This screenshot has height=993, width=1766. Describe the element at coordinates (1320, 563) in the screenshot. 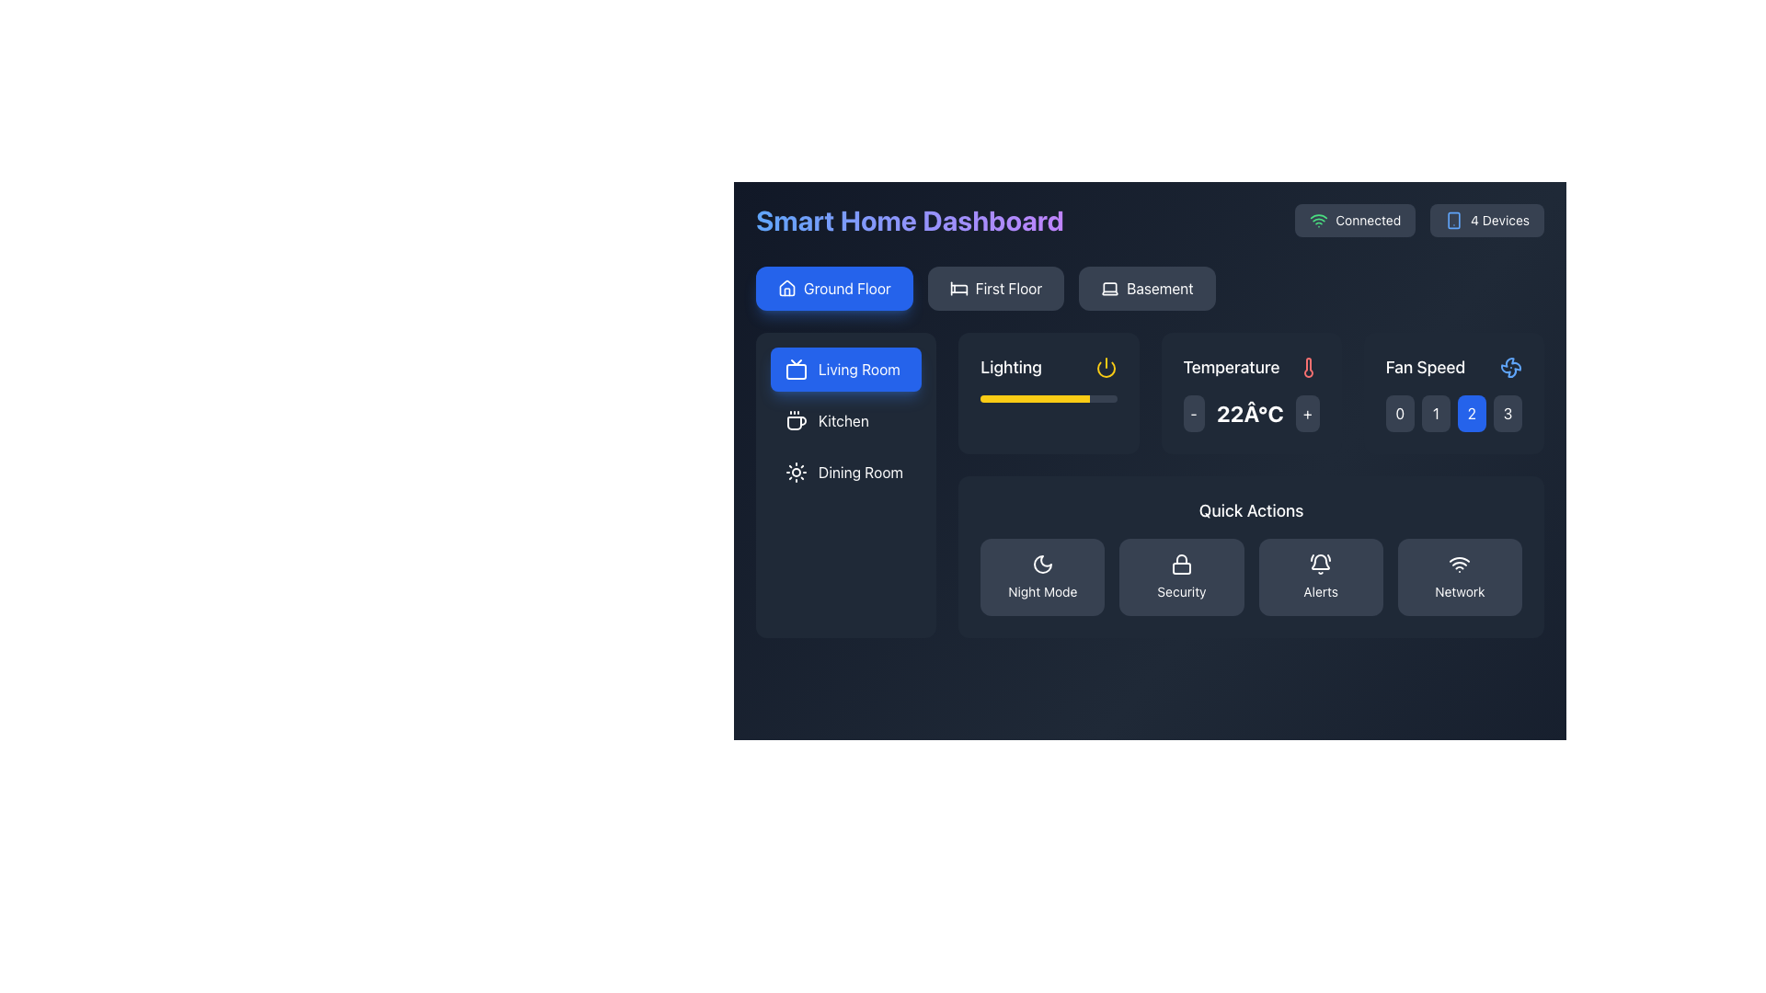

I see `the SVG icon resembling a bell, which symbolizes notifications or alerts, located in the 'Quick Actions' section within the 'Alerts' button group` at that location.